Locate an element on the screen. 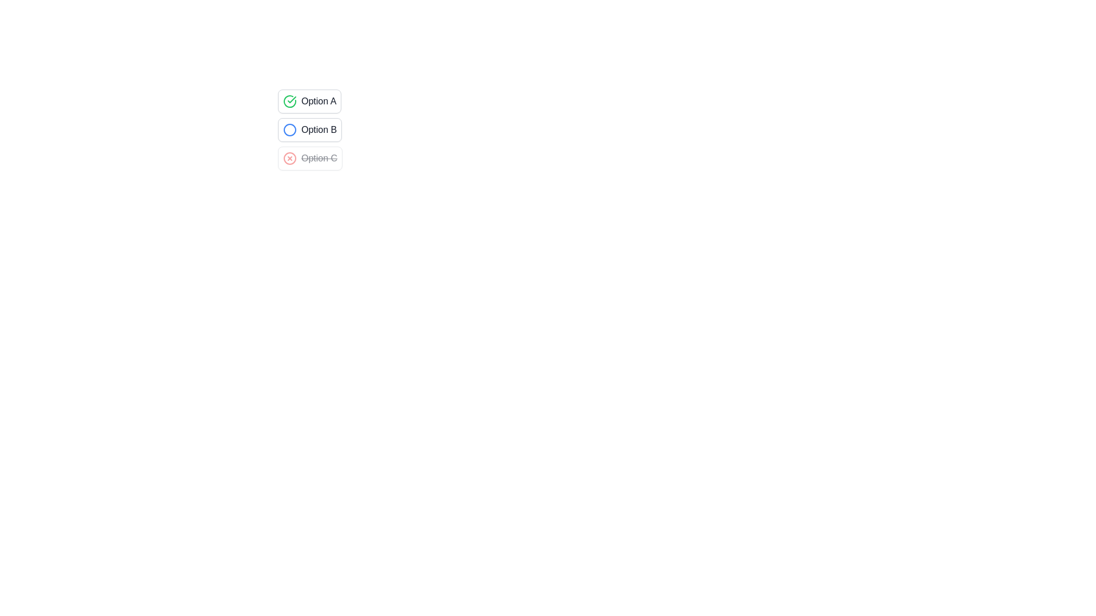  text label 'Option C' which is styled with a line-through effect, indicating it is disabled or unavailable, located in the third position of a vertical selection list is located at coordinates (319, 158).